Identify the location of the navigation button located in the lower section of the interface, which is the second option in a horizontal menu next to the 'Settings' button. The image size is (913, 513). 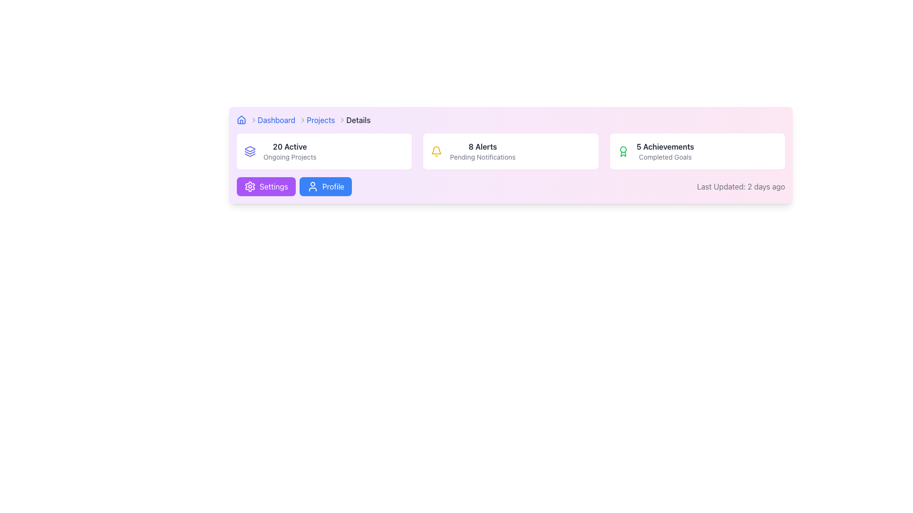
(326, 187).